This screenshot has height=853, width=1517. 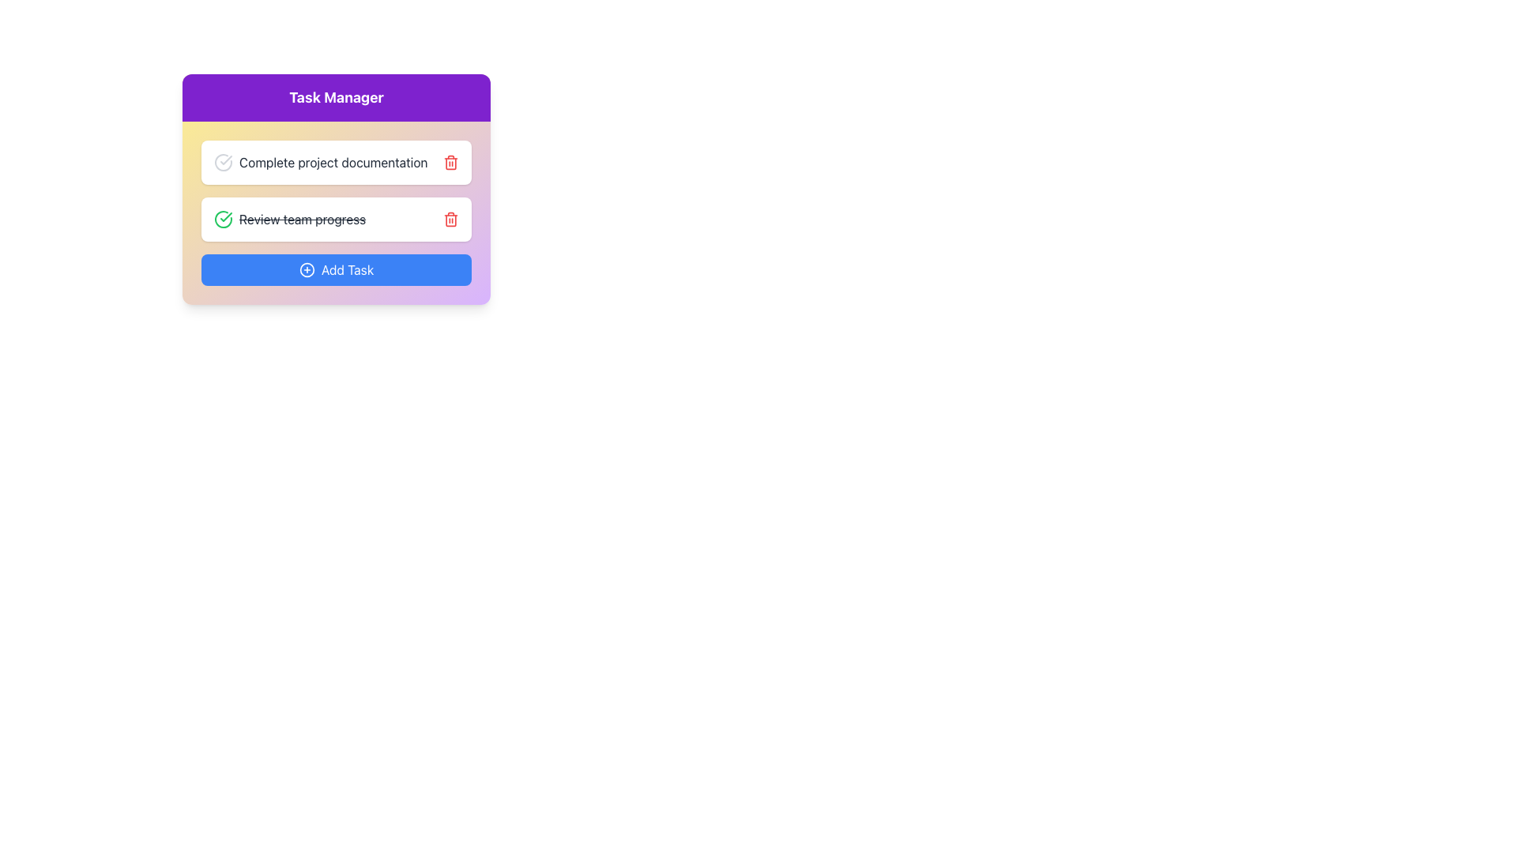 I want to click on the first icon on the left within the task row labeled 'Complete project documentation', so click(x=223, y=162).